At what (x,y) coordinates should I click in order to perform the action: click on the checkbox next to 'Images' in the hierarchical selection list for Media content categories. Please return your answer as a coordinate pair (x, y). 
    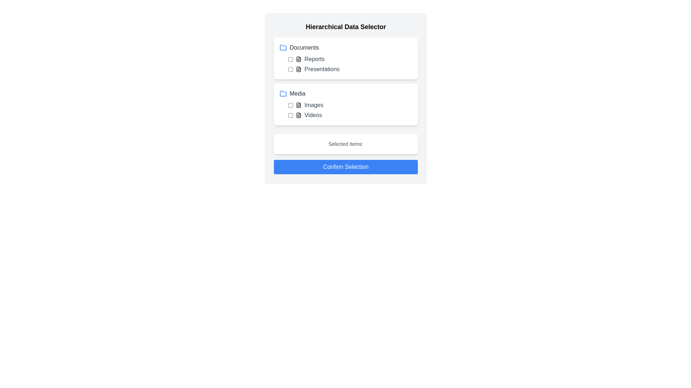
    Looking at the image, I should click on (345, 104).